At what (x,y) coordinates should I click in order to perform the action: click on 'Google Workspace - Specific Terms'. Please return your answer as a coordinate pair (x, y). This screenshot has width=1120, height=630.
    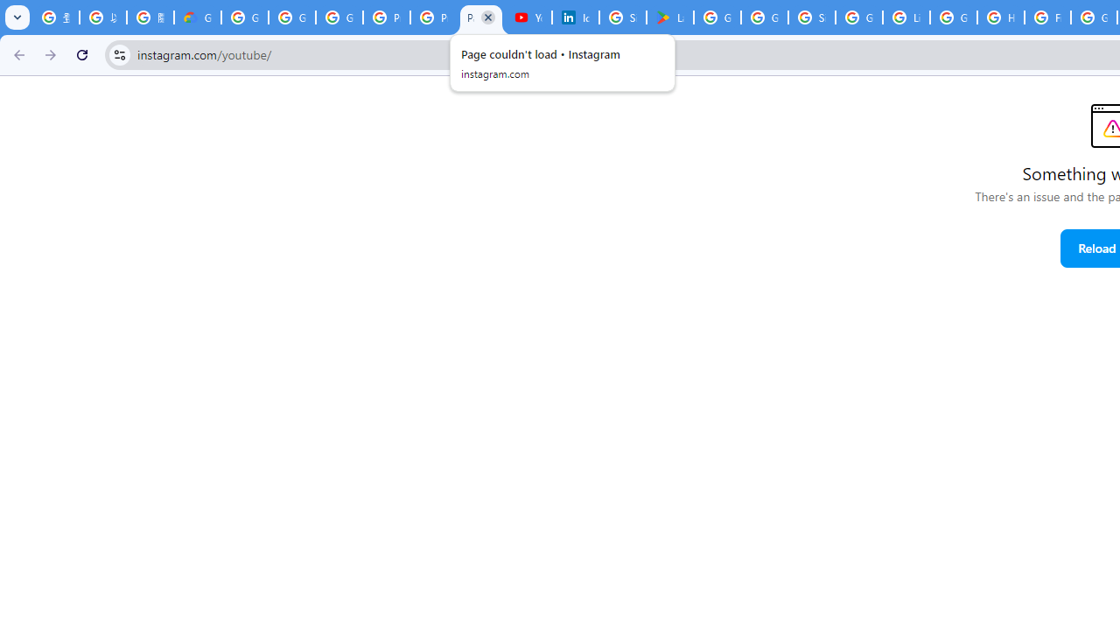
    Looking at the image, I should click on (765, 17).